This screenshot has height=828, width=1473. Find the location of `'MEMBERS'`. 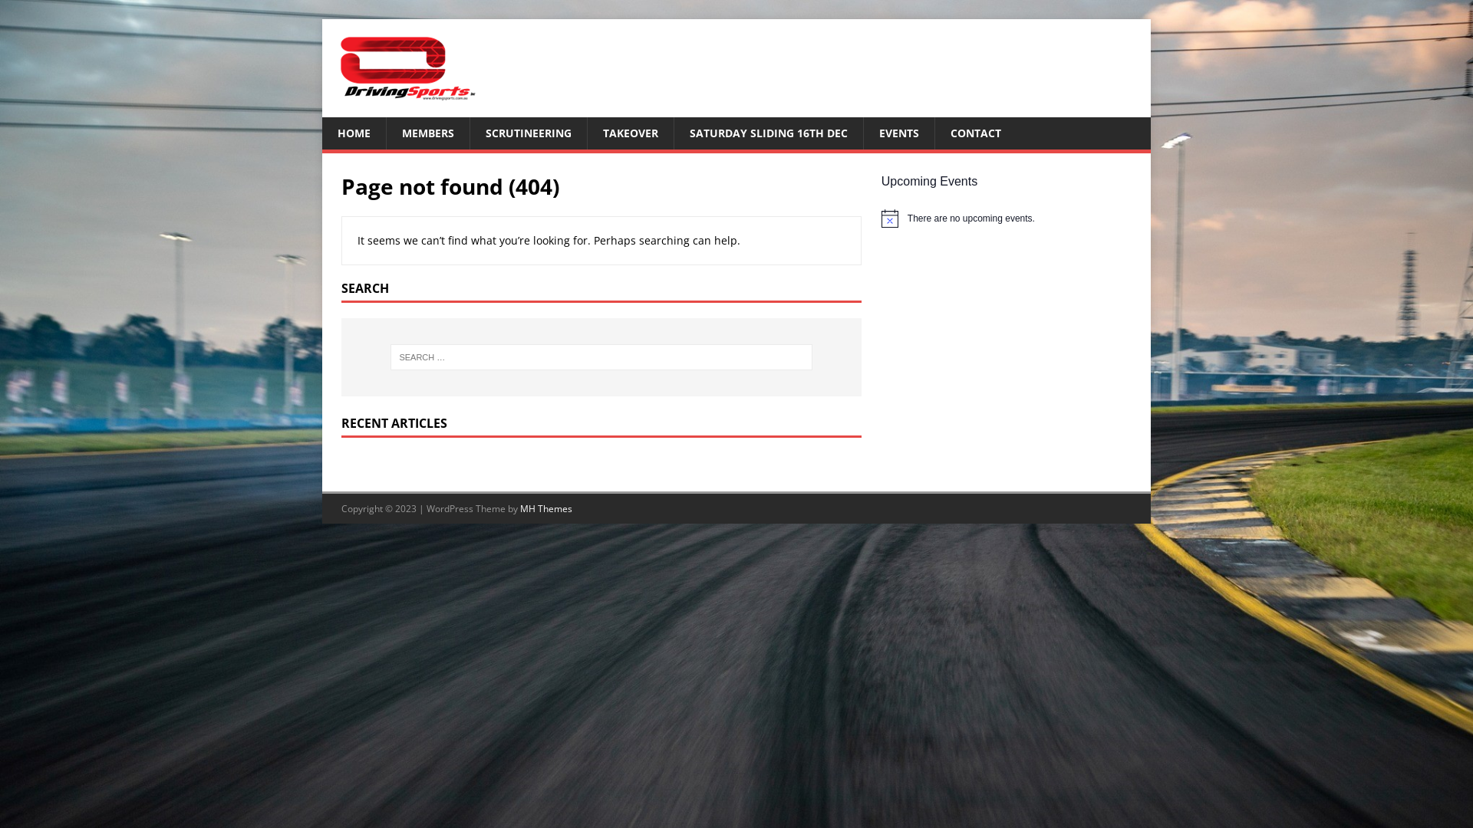

'MEMBERS' is located at coordinates (427, 132).